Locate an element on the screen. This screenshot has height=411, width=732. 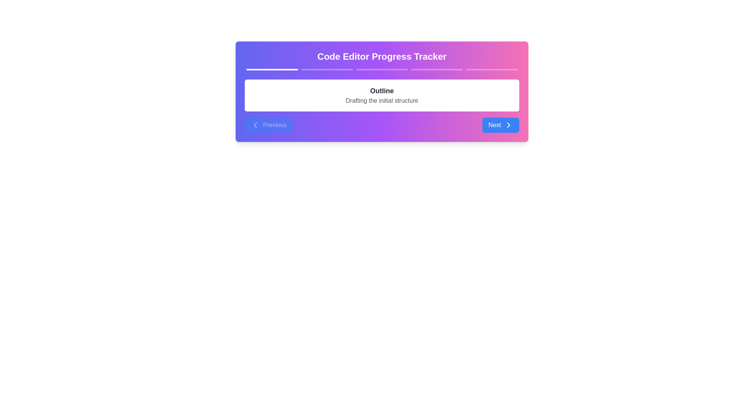
the 'Previous' button, which is a blue rounded rectangle with white text and a left-facing chevron icon is located at coordinates (269, 124).